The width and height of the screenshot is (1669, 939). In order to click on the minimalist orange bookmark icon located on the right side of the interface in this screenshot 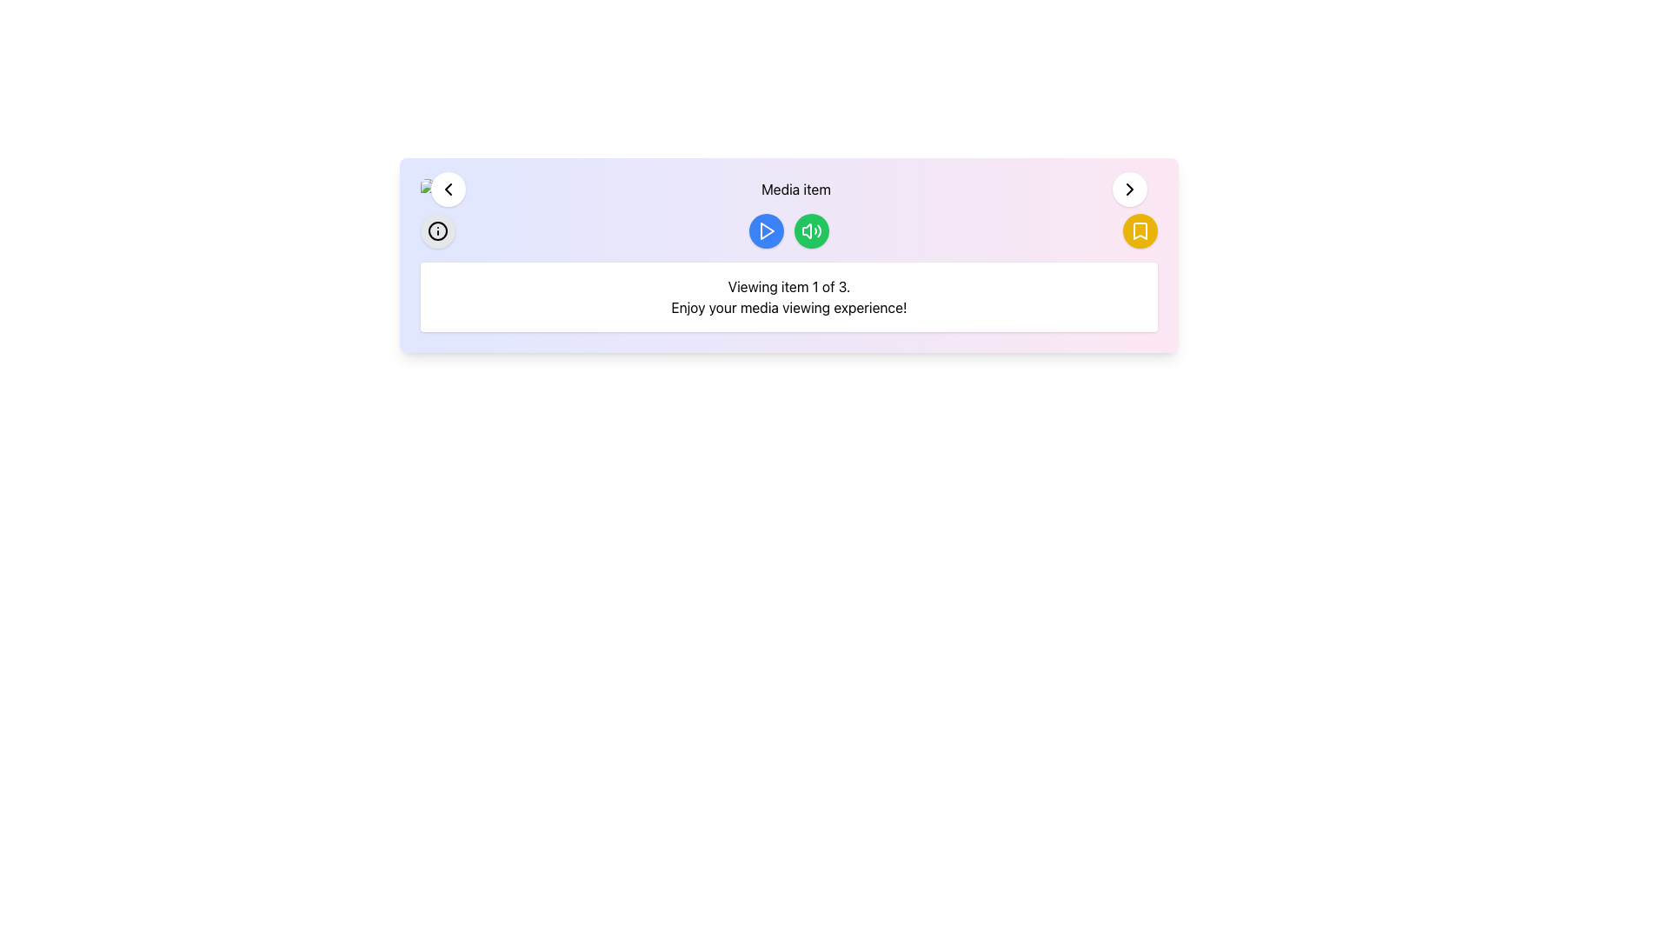, I will do `click(1140, 230)`.